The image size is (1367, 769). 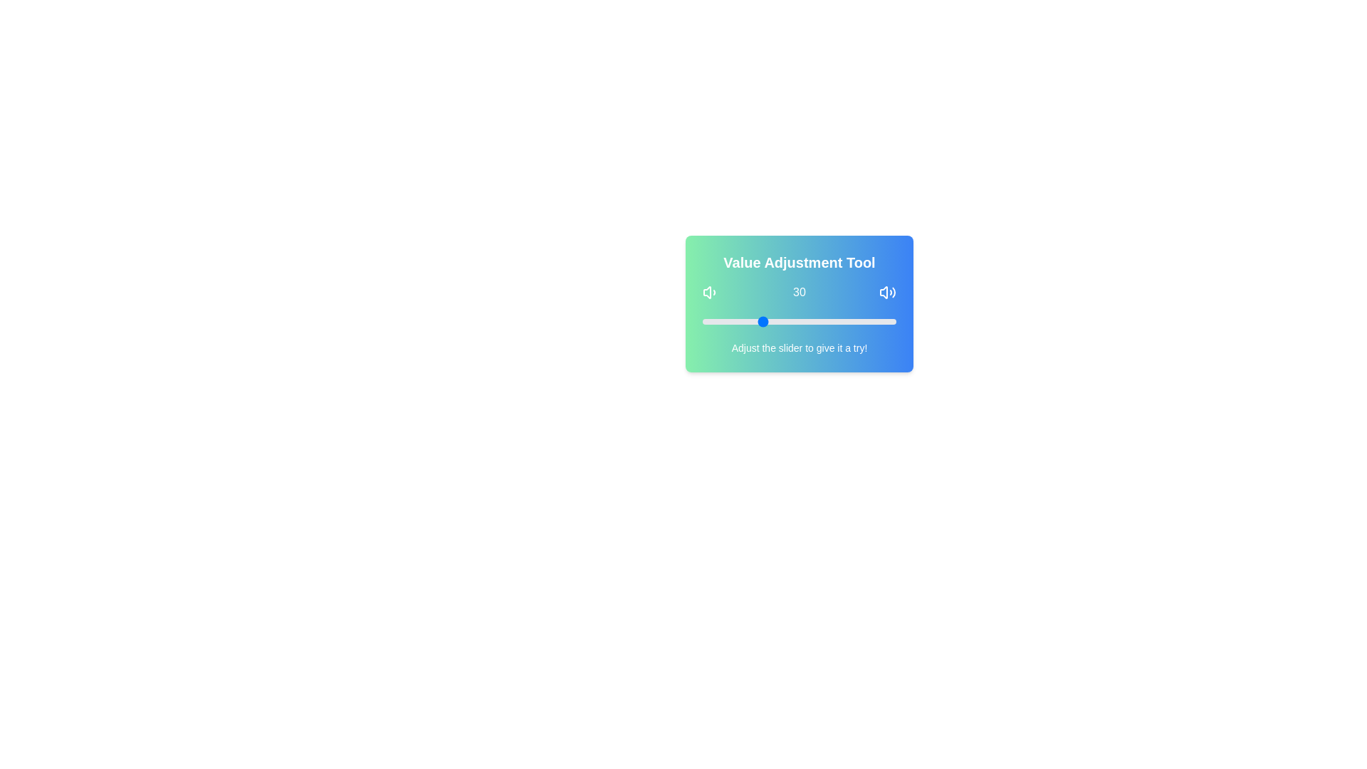 I want to click on the slider, so click(x=884, y=321).